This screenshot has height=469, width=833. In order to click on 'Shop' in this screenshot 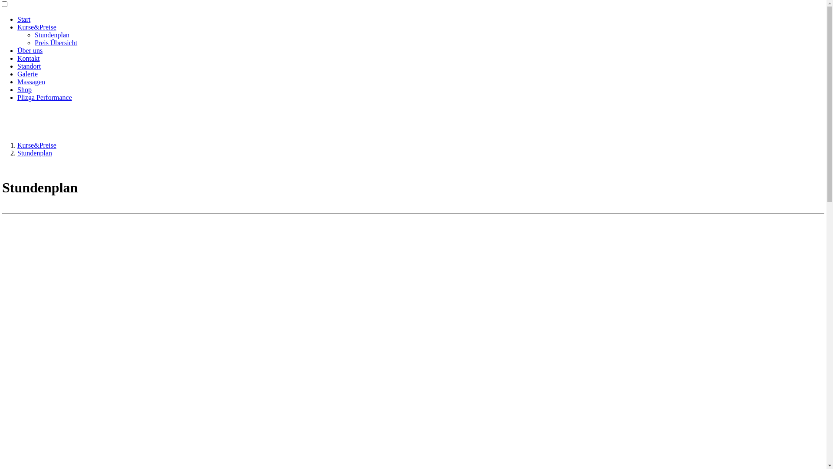, I will do `click(24, 89)`.